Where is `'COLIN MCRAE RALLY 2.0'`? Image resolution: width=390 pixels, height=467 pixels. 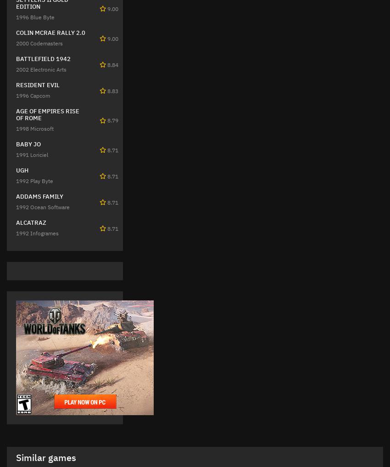 'COLIN MCRAE RALLY 2.0' is located at coordinates (50, 32).